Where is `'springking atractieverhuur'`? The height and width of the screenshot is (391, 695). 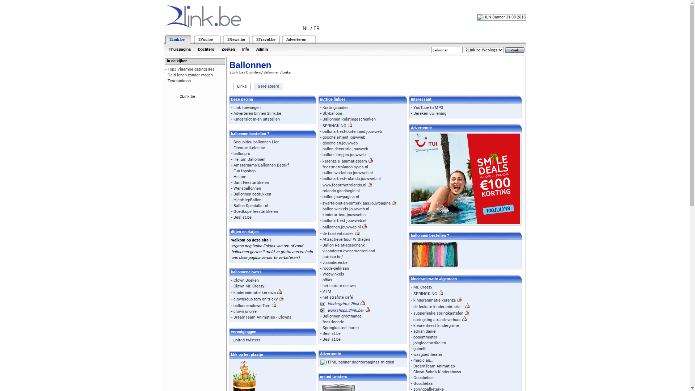
'springking atractieverhuur' is located at coordinates (437, 319).